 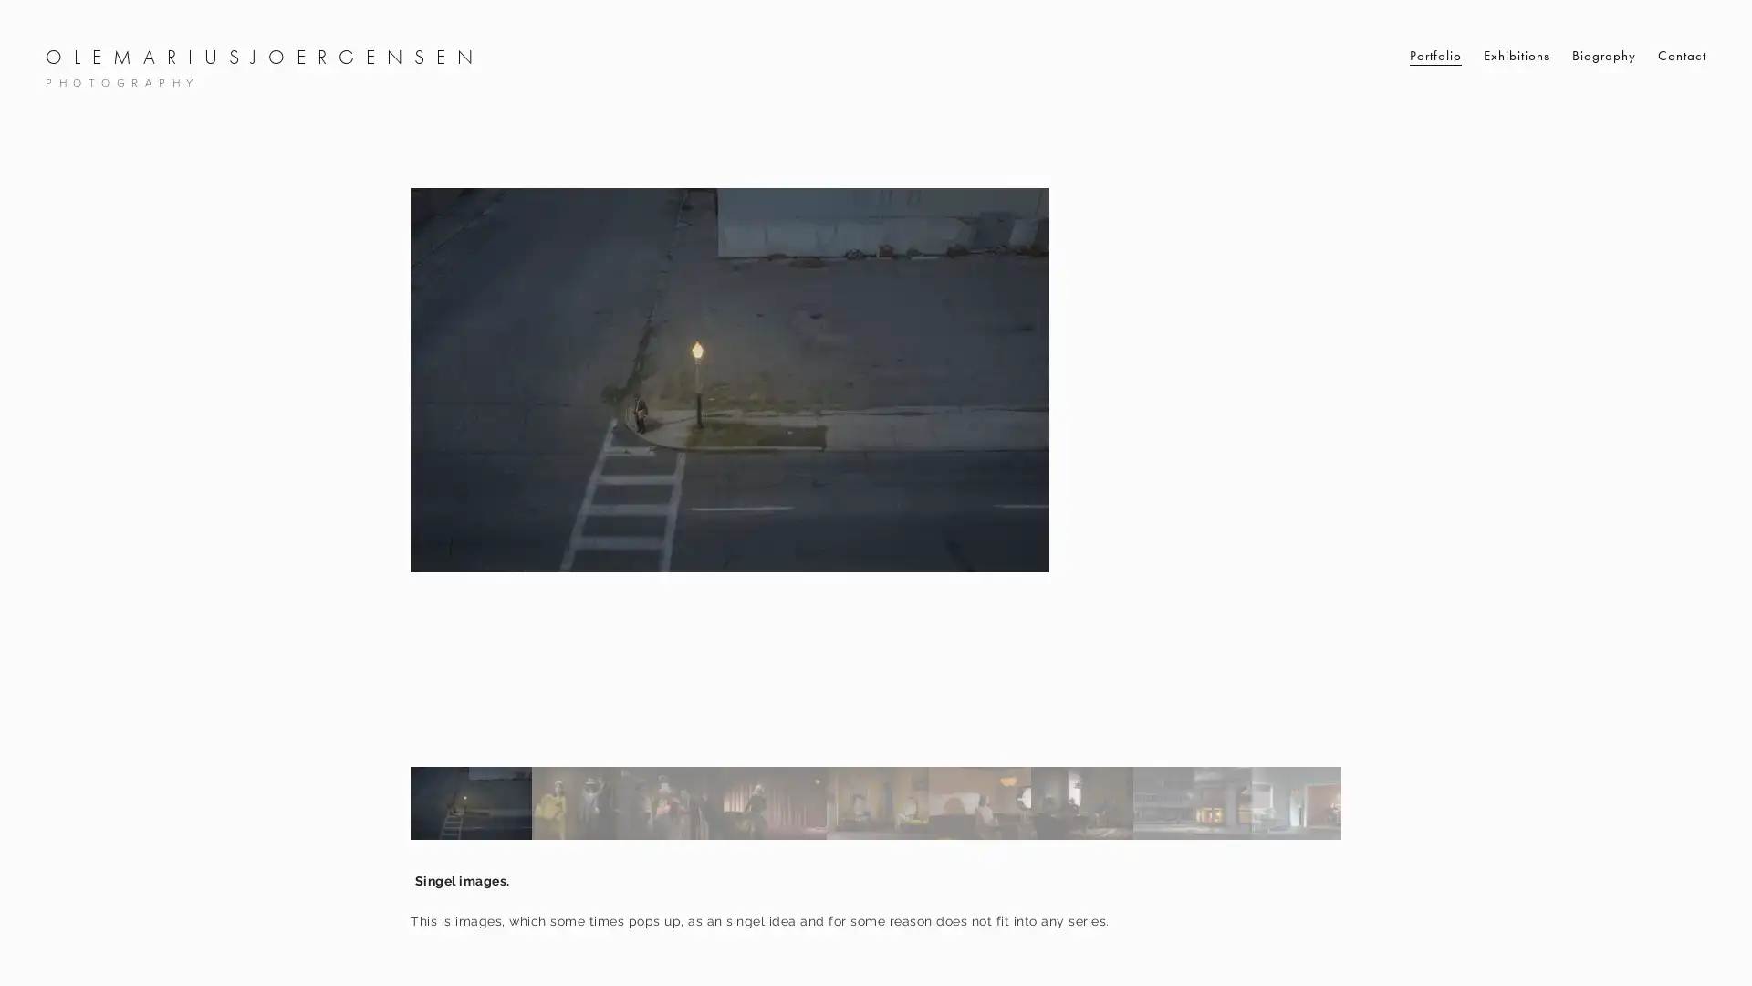 I want to click on Slide 5, so click(x=876, y=802).